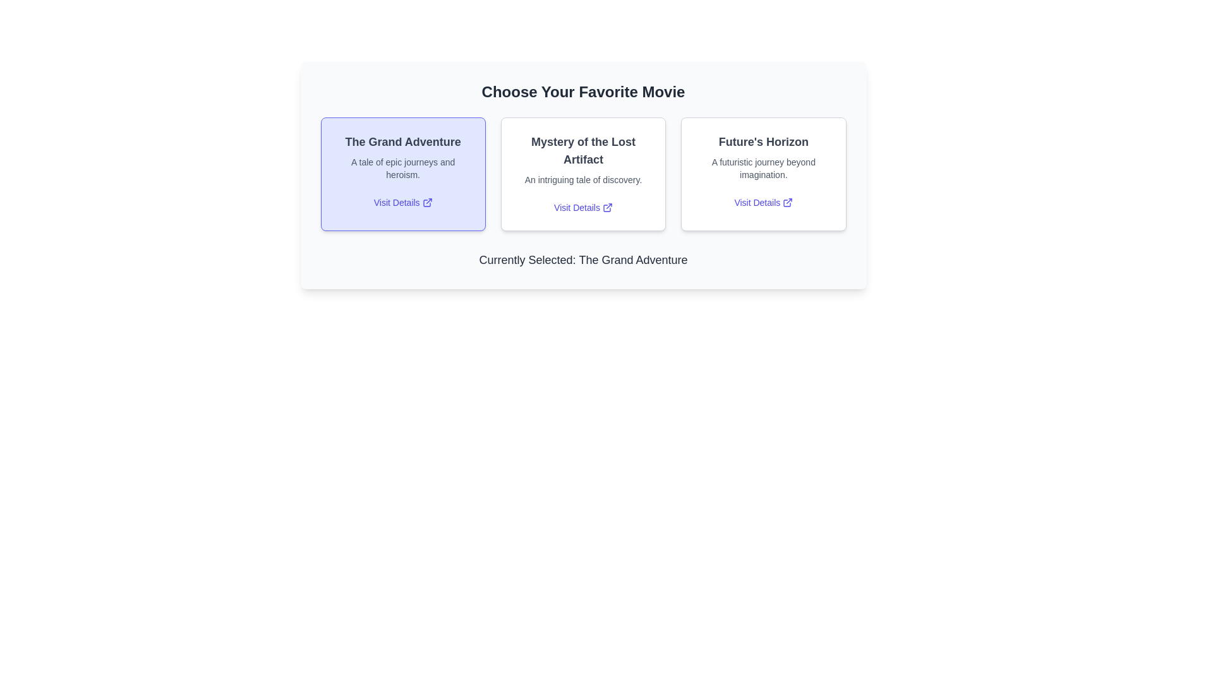 Image resolution: width=1213 pixels, height=682 pixels. What do you see at coordinates (582, 174) in the screenshot?
I see `descriptive text of the second movie segment in the grid layout located below the heading 'Choose Your Favorite Movie' and above 'Currently Selected: The Grand Adventure'` at bounding box center [582, 174].